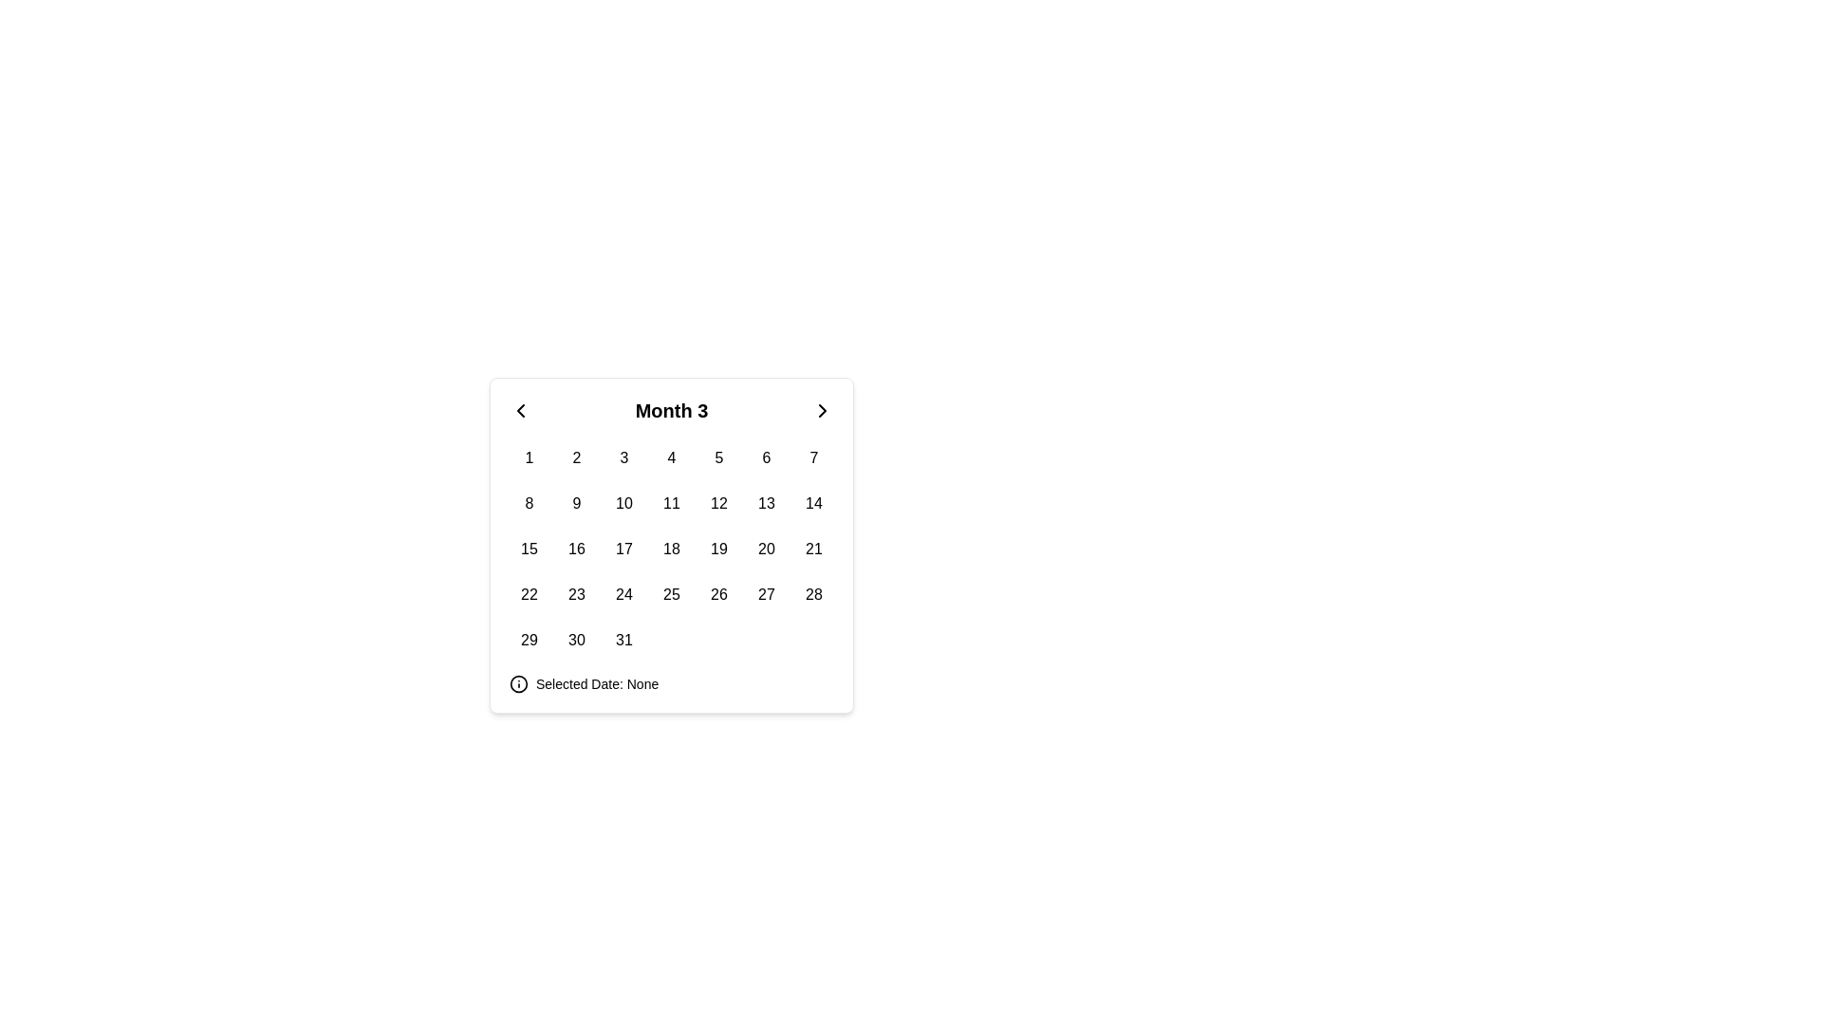 The width and height of the screenshot is (1822, 1025). What do you see at coordinates (623, 503) in the screenshot?
I see `the Button-like date element representing the date '10' in the calendar interface` at bounding box center [623, 503].